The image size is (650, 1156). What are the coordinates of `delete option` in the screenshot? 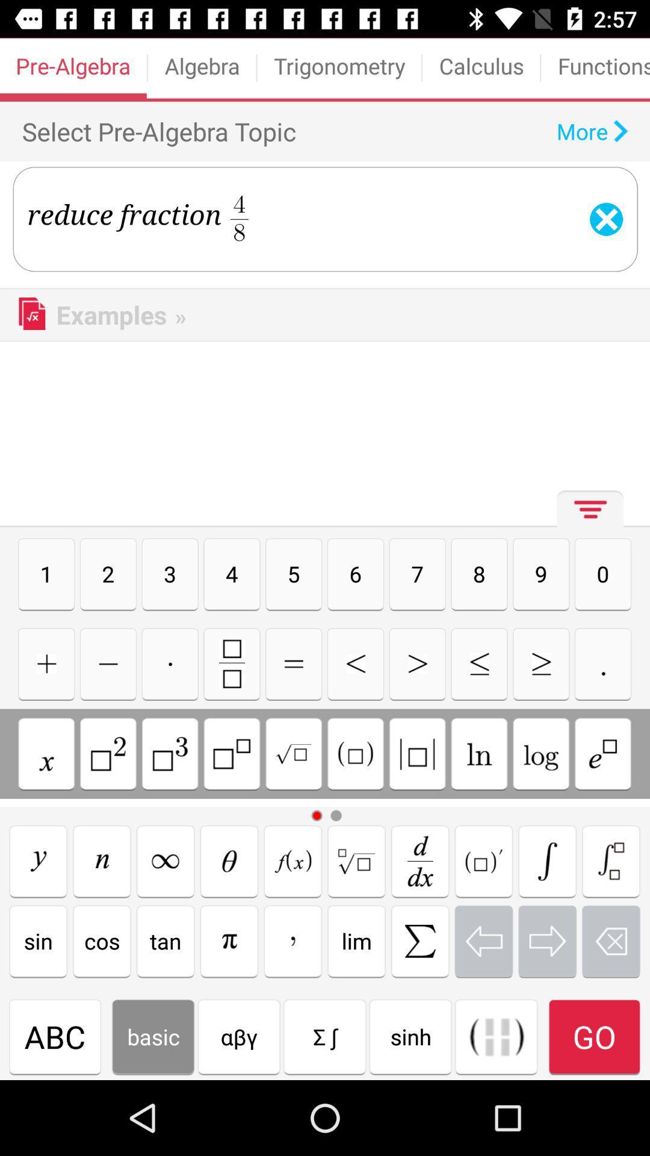 It's located at (611, 940).